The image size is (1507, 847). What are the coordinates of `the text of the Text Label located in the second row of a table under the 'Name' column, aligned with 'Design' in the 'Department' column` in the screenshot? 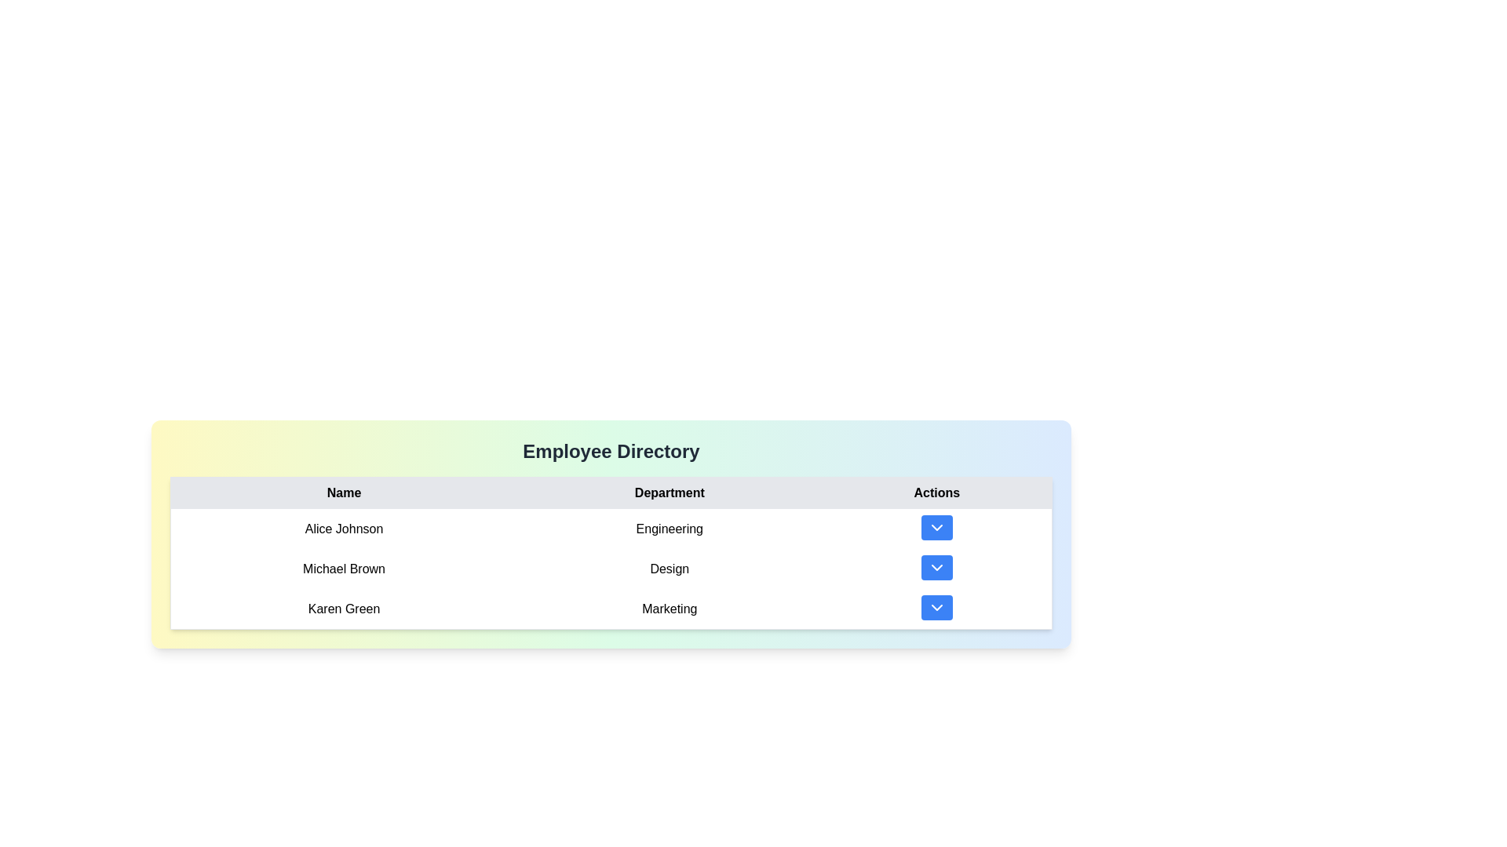 It's located at (343, 569).